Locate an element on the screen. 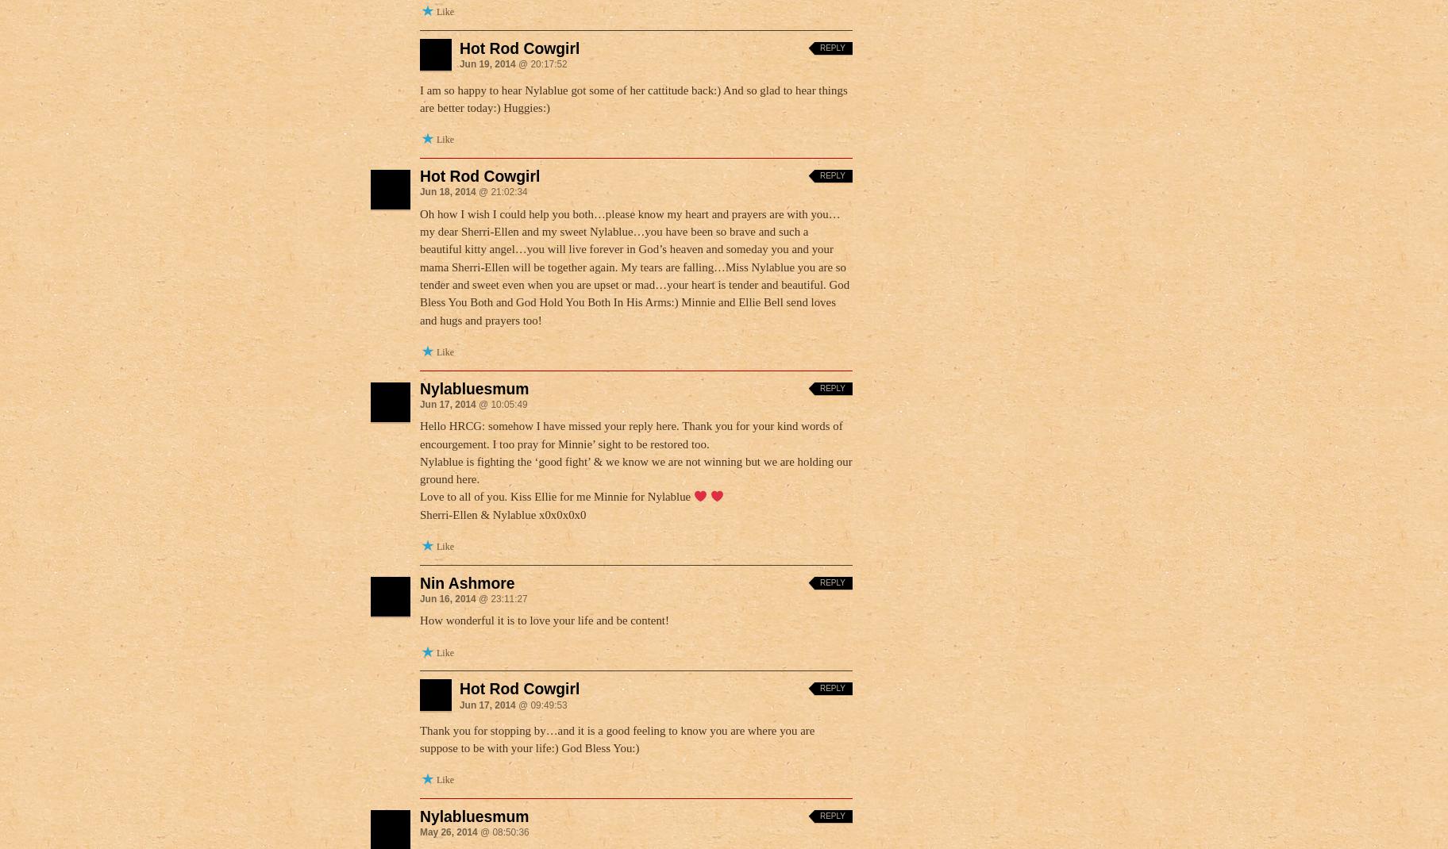 Image resolution: width=1448 pixels, height=849 pixels. 'I am so happy to hear Nylablue got some of her cattitude back:) And so glad to hear things are better today:) Huggies:)' is located at coordinates (633, 98).